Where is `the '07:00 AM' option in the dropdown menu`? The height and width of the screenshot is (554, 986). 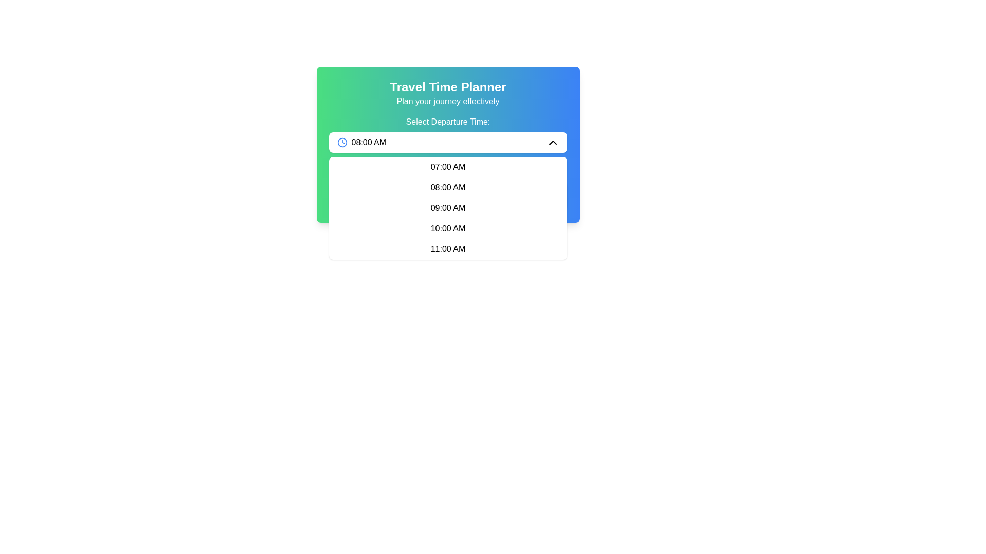
the '07:00 AM' option in the dropdown menu is located at coordinates (448, 162).